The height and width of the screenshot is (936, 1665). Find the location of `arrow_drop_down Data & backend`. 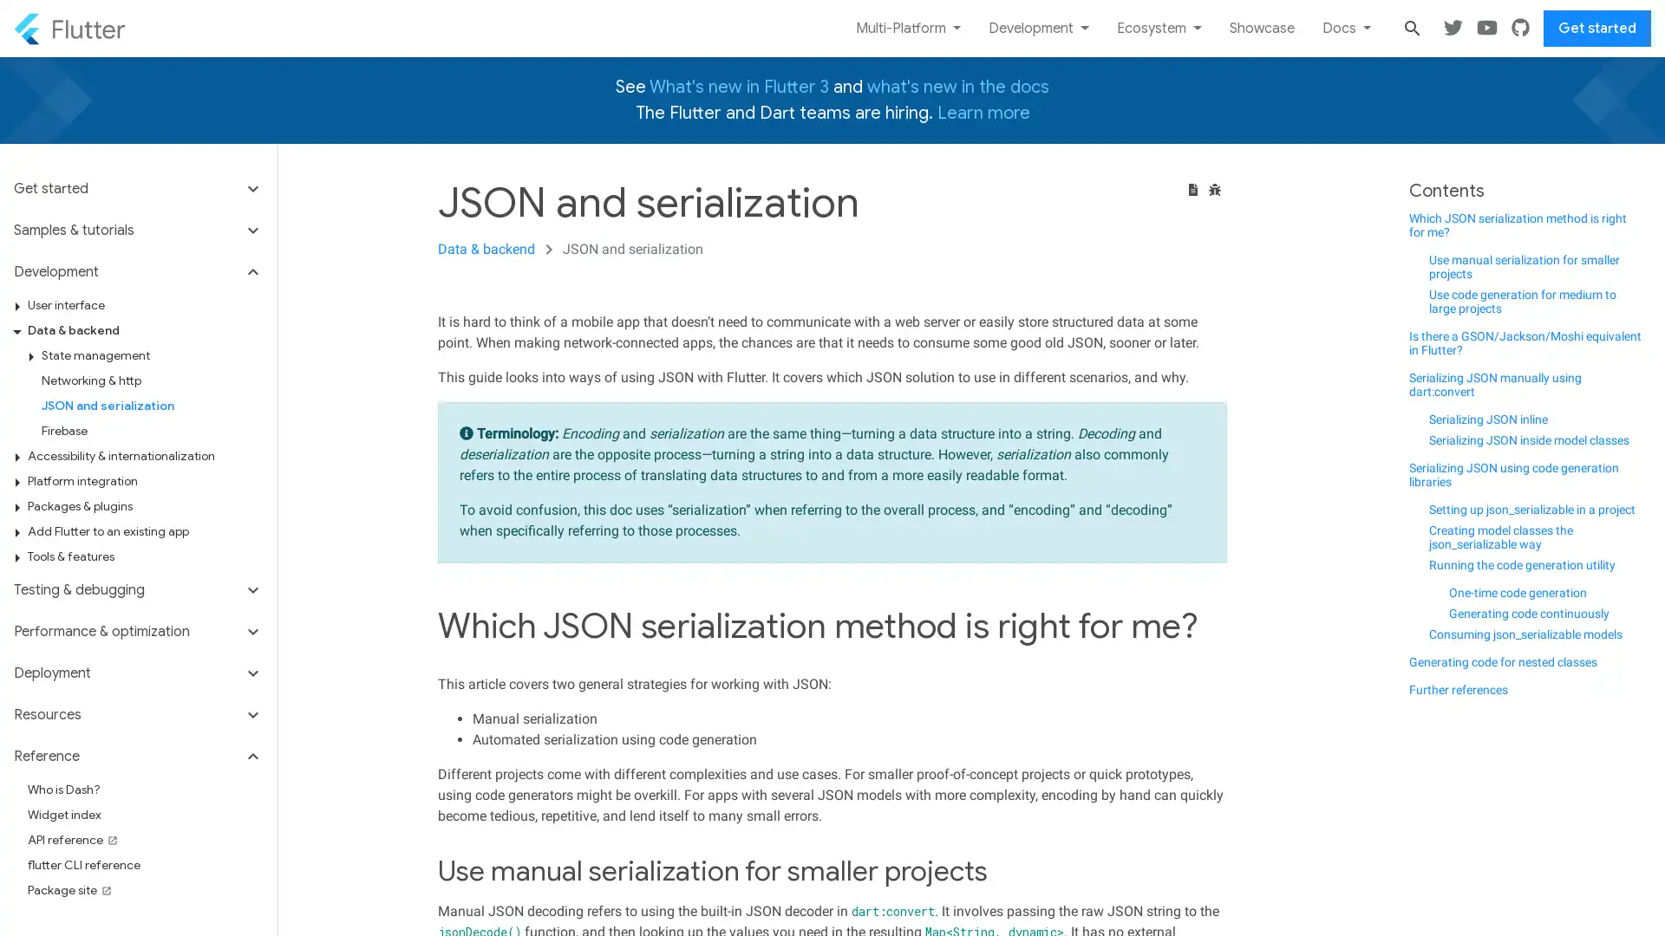

arrow_drop_down Data & backend is located at coordinates (145, 330).